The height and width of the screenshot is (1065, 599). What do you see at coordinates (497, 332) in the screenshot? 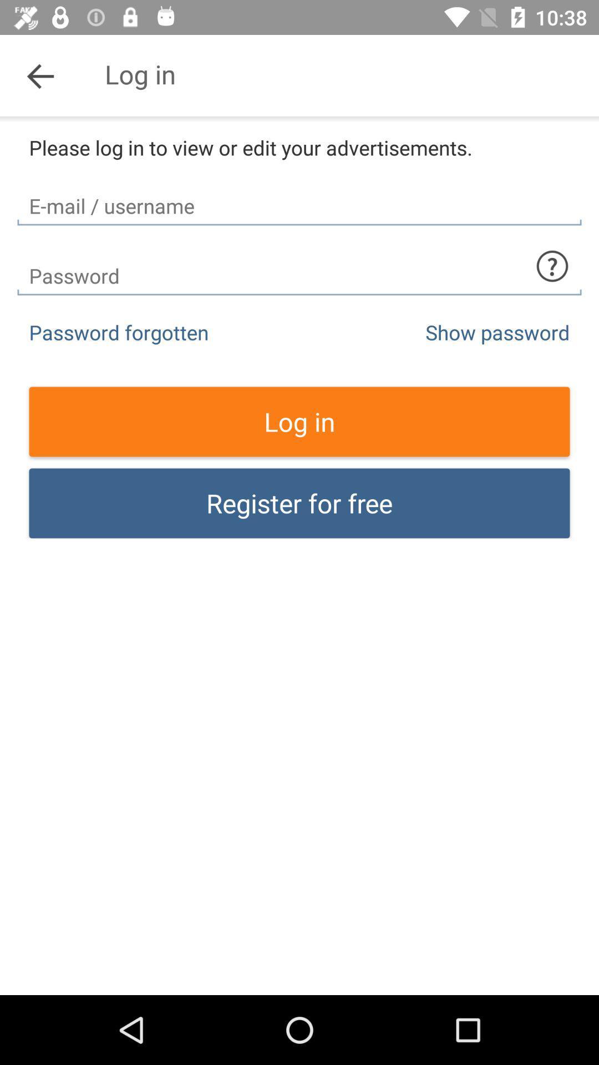
I see `the item to the right of the password forgotten` at bounding box center [497, 332].